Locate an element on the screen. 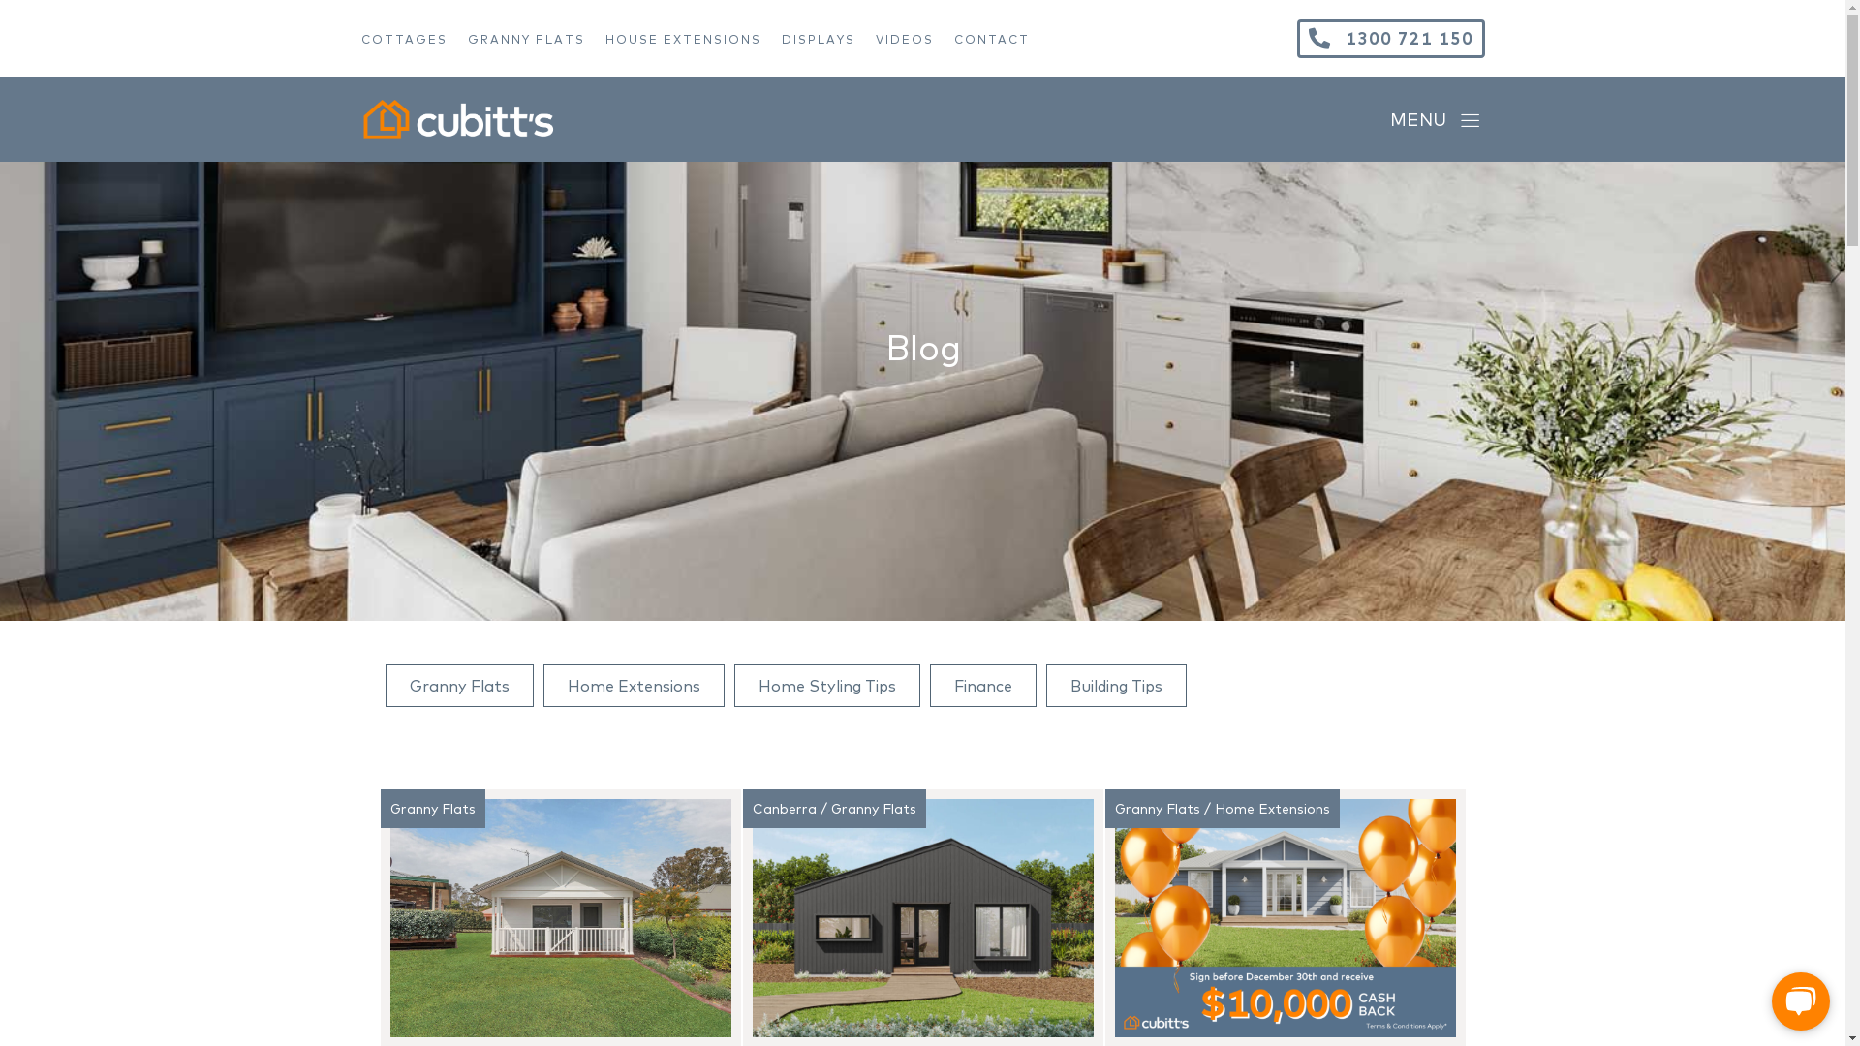 This screenshot has height=1046, width=1860. 'CUB_Primary_Logo_Reverse_RGB_1200px' is located at coordinates (360, 119).